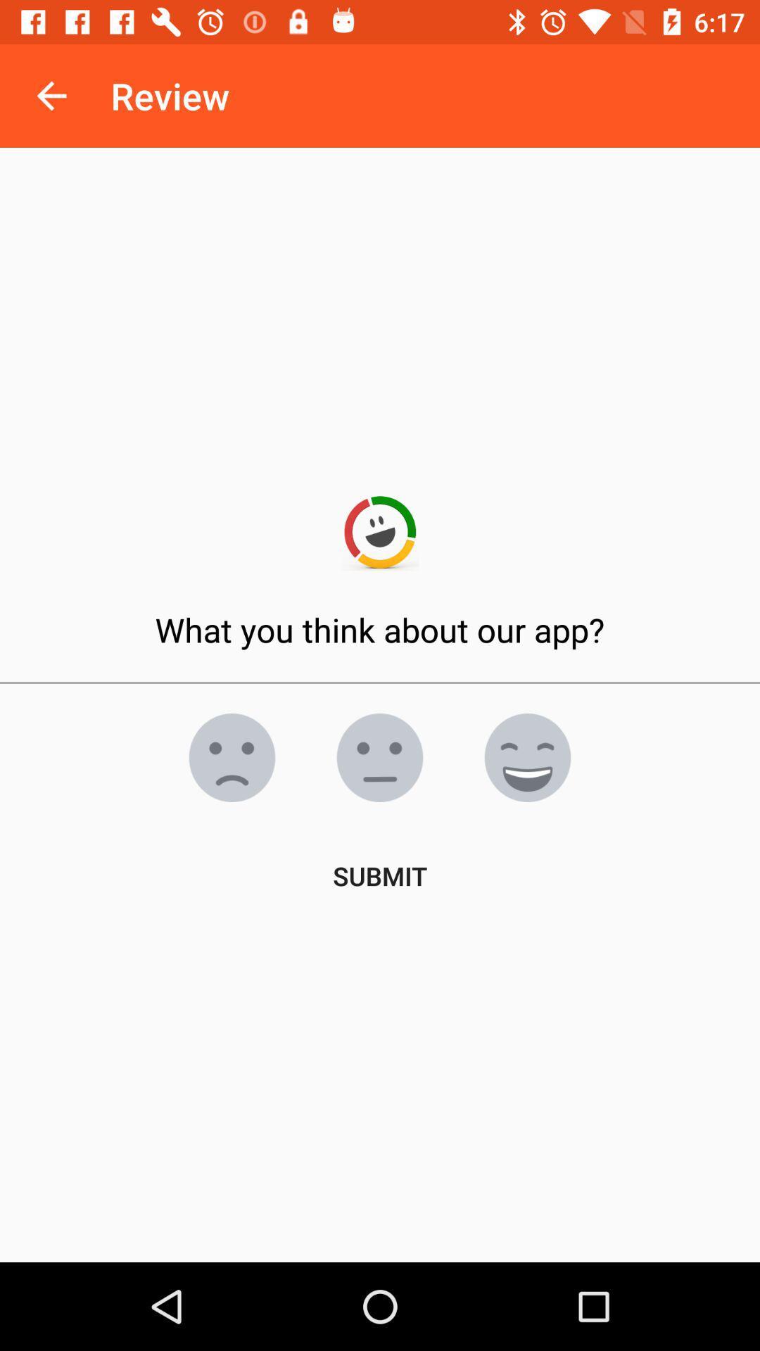  Describe the element at coordinates (232, 756) in the screenshot. I see `emoji` at that location.